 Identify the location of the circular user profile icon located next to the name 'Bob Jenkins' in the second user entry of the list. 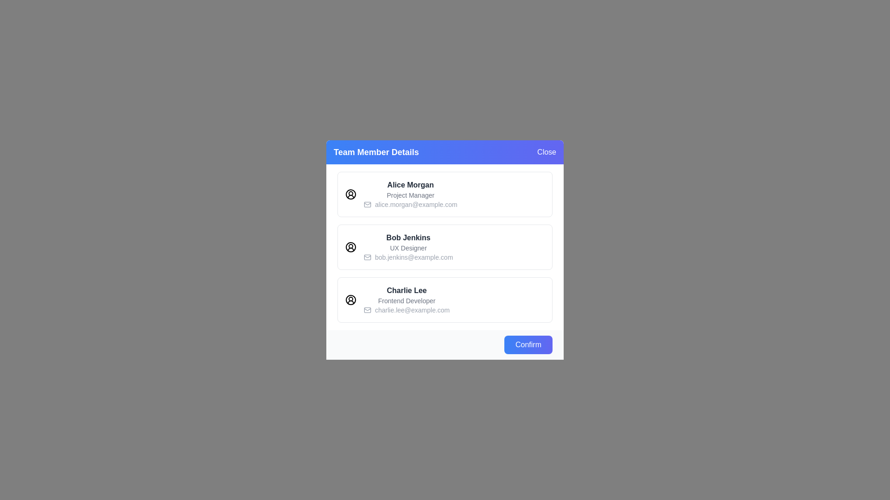
(350, 246).